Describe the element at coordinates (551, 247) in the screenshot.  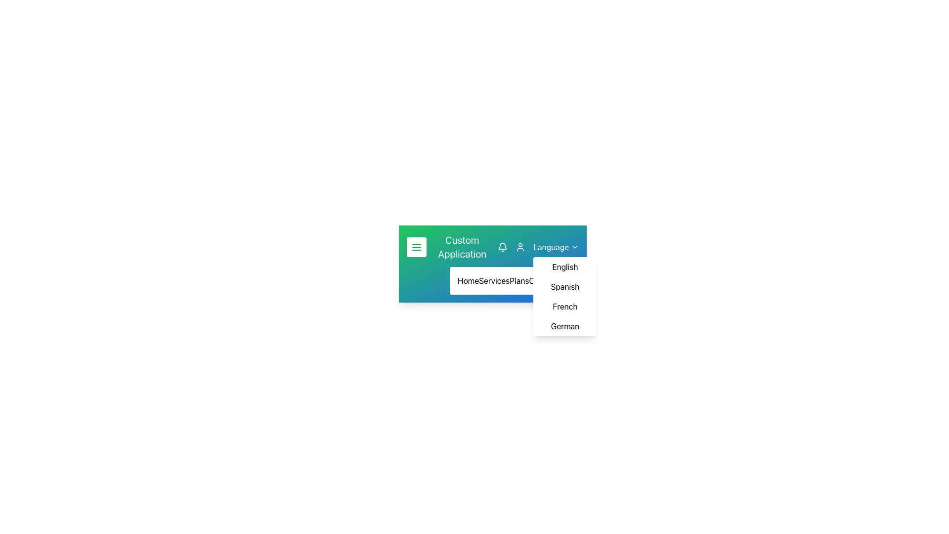
I see `language preference label located in the header section of the interface, positioned to the left of the dropdown control with a Chevron icon` at that location.